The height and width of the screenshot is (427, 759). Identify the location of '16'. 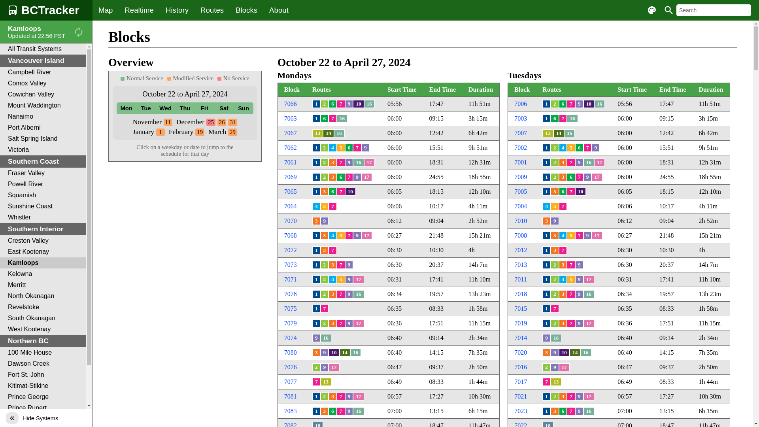
(358, 411).